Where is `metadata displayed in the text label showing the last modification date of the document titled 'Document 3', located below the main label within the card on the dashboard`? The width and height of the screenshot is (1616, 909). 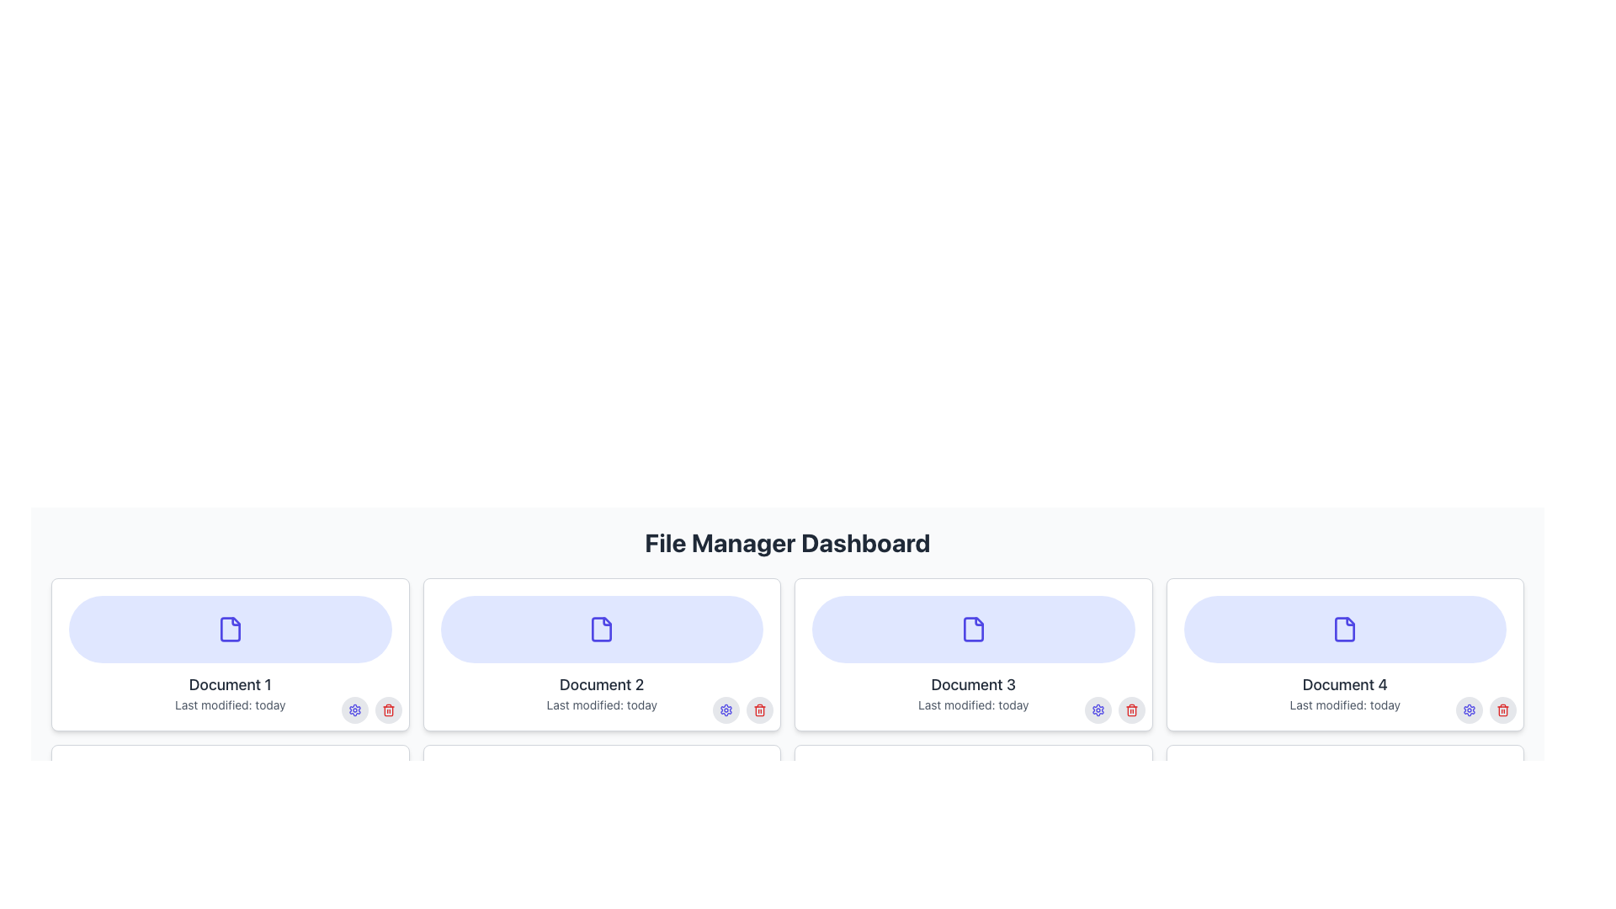 metadata displayed in the text label showing the last modification date of the document titled 'Document 3', located below the main label within the card on the dashboard is located at coordinates (973, 704).